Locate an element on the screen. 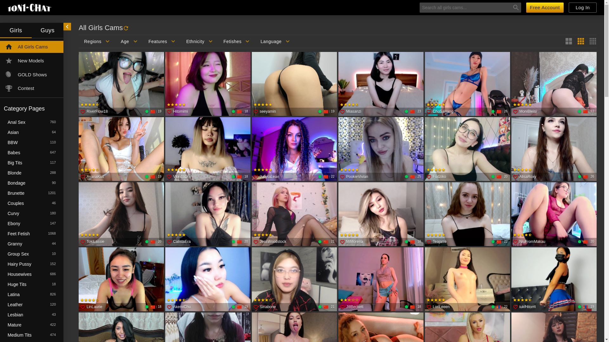 The height and width of the screenshot is (342, 609). 'Fetishes' is located at coordinates (236, 41).